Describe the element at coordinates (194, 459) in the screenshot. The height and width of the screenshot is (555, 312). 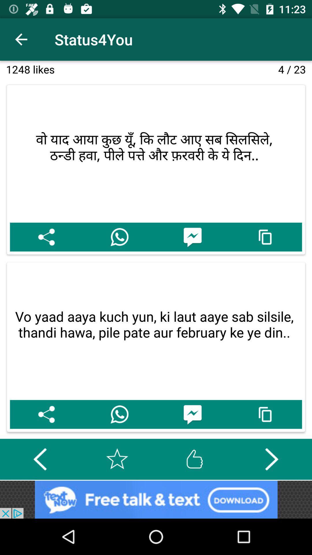
I see `thumbs up` at that location.